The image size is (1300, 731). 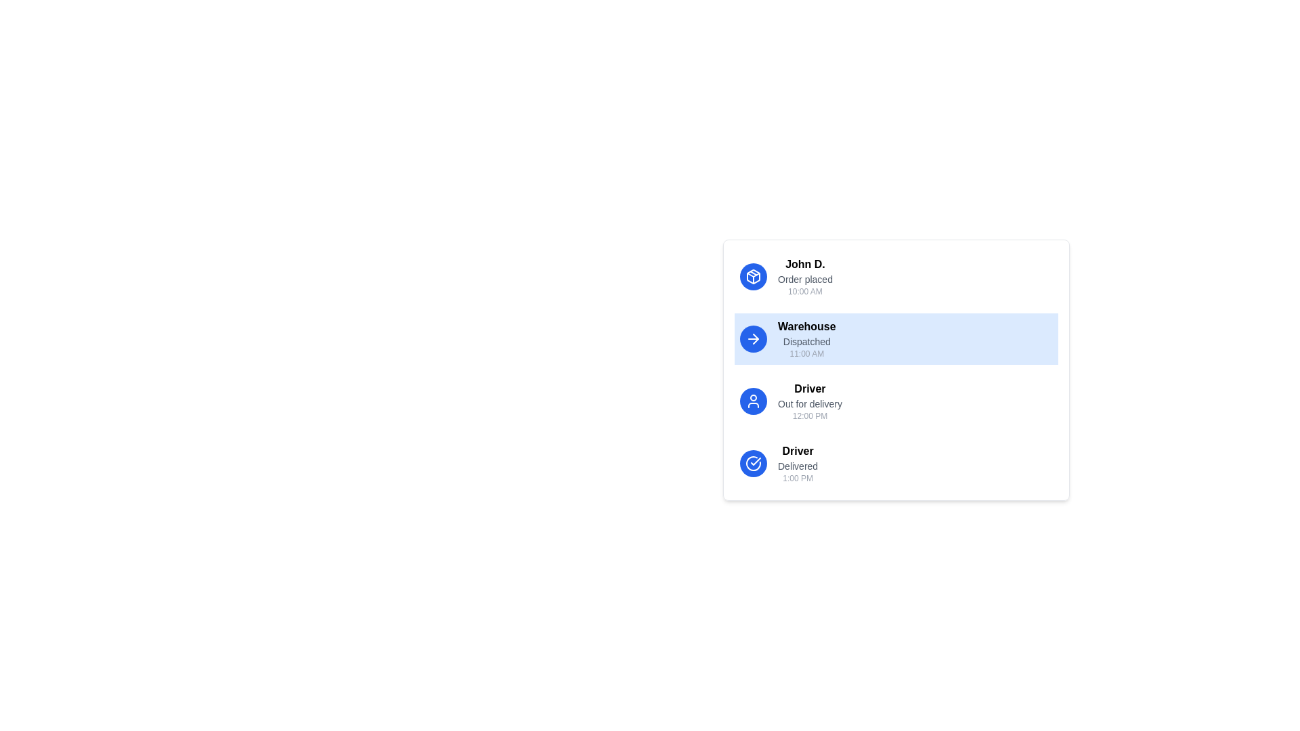 What do you see at coordinates (753, 275) in the screenshot?
I see `the package SVG icon located within the blue circular button to the left of the 'John D.' entry in the list segment` at bounding box center [753, 275].